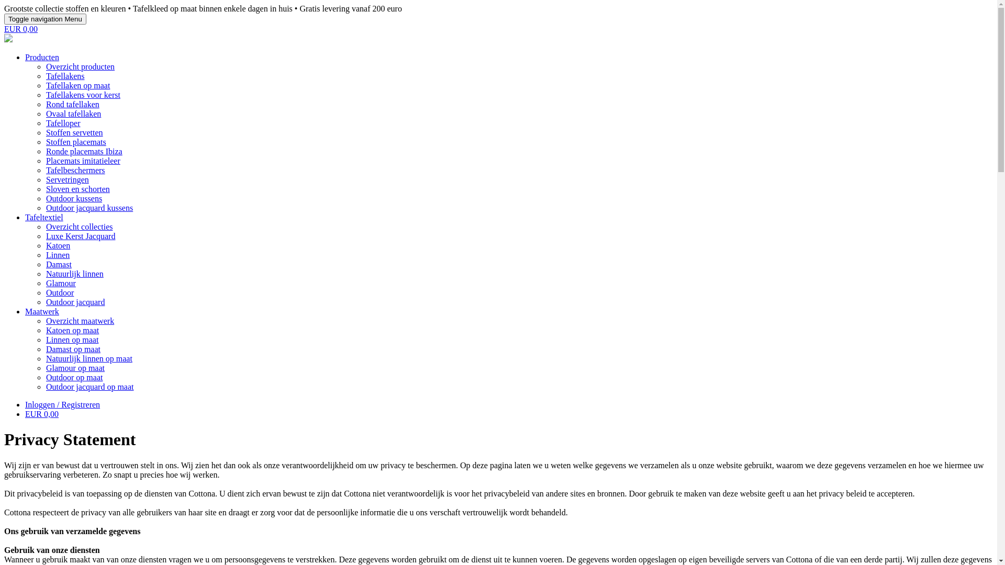 The width and height of the screenshot is (1005, 565). What do you see at coordinates (20, 28) in the screenshot?
I see `'EUR 0,00'` at bounding box center [20, 28].